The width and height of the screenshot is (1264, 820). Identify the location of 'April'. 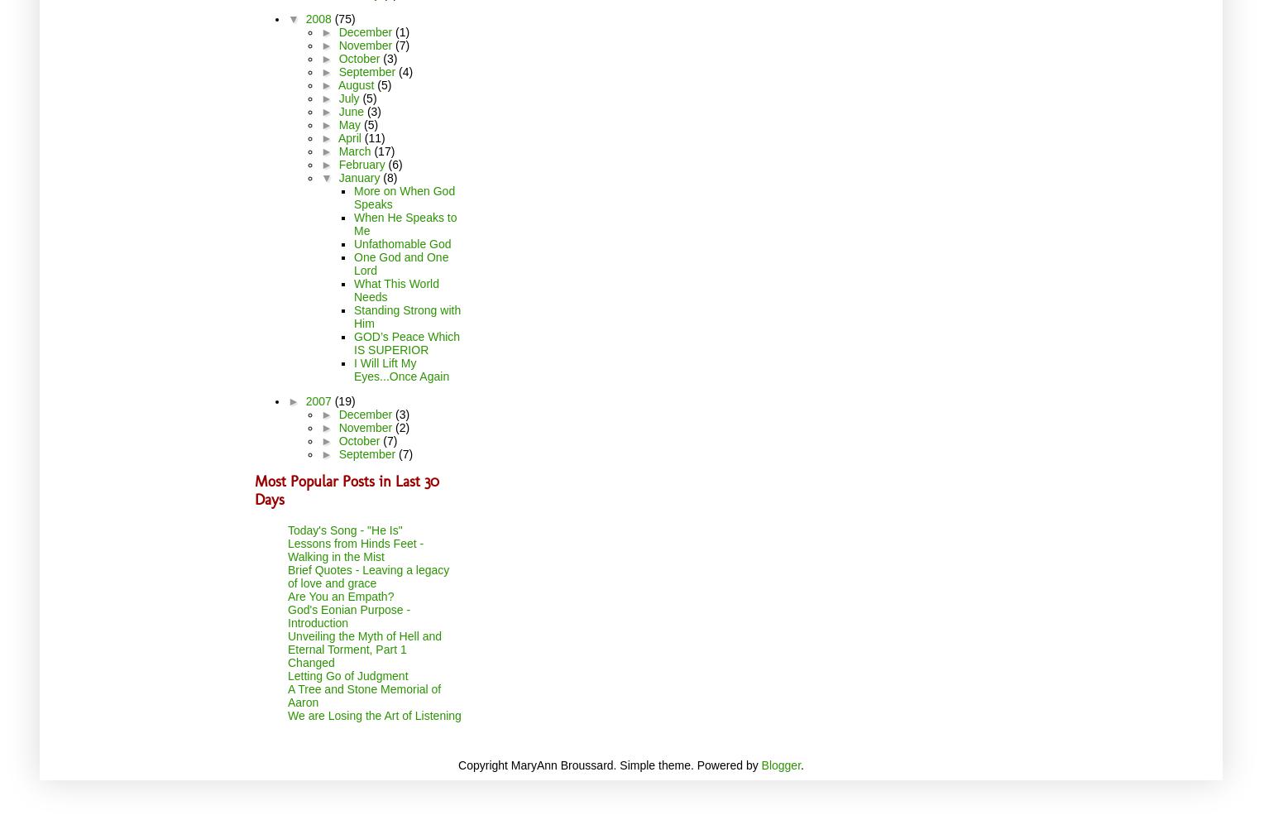
(351, 137).